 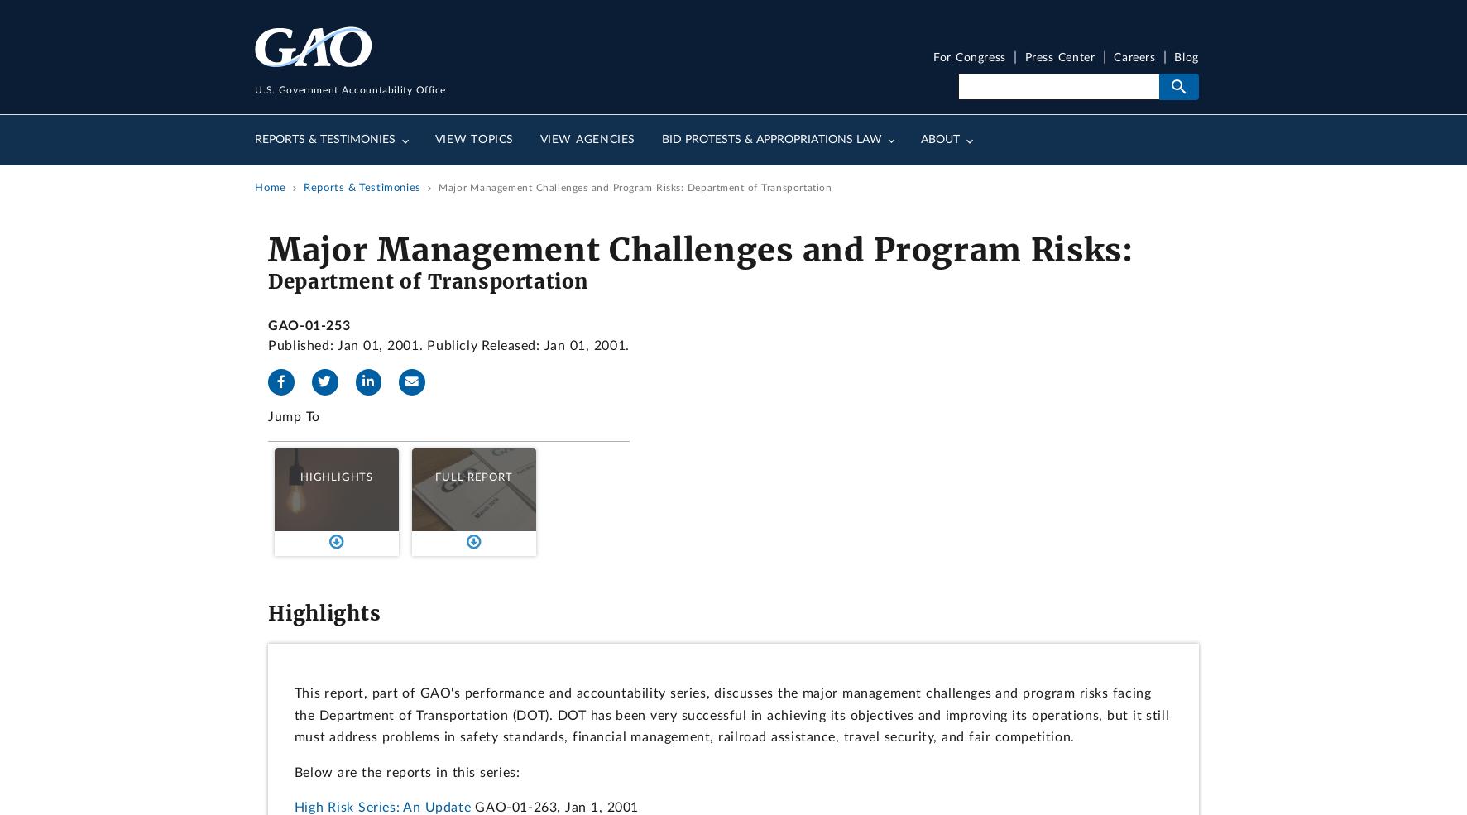 I want to click on 'Below are the reports in this series:', so click(x=405, y=771).